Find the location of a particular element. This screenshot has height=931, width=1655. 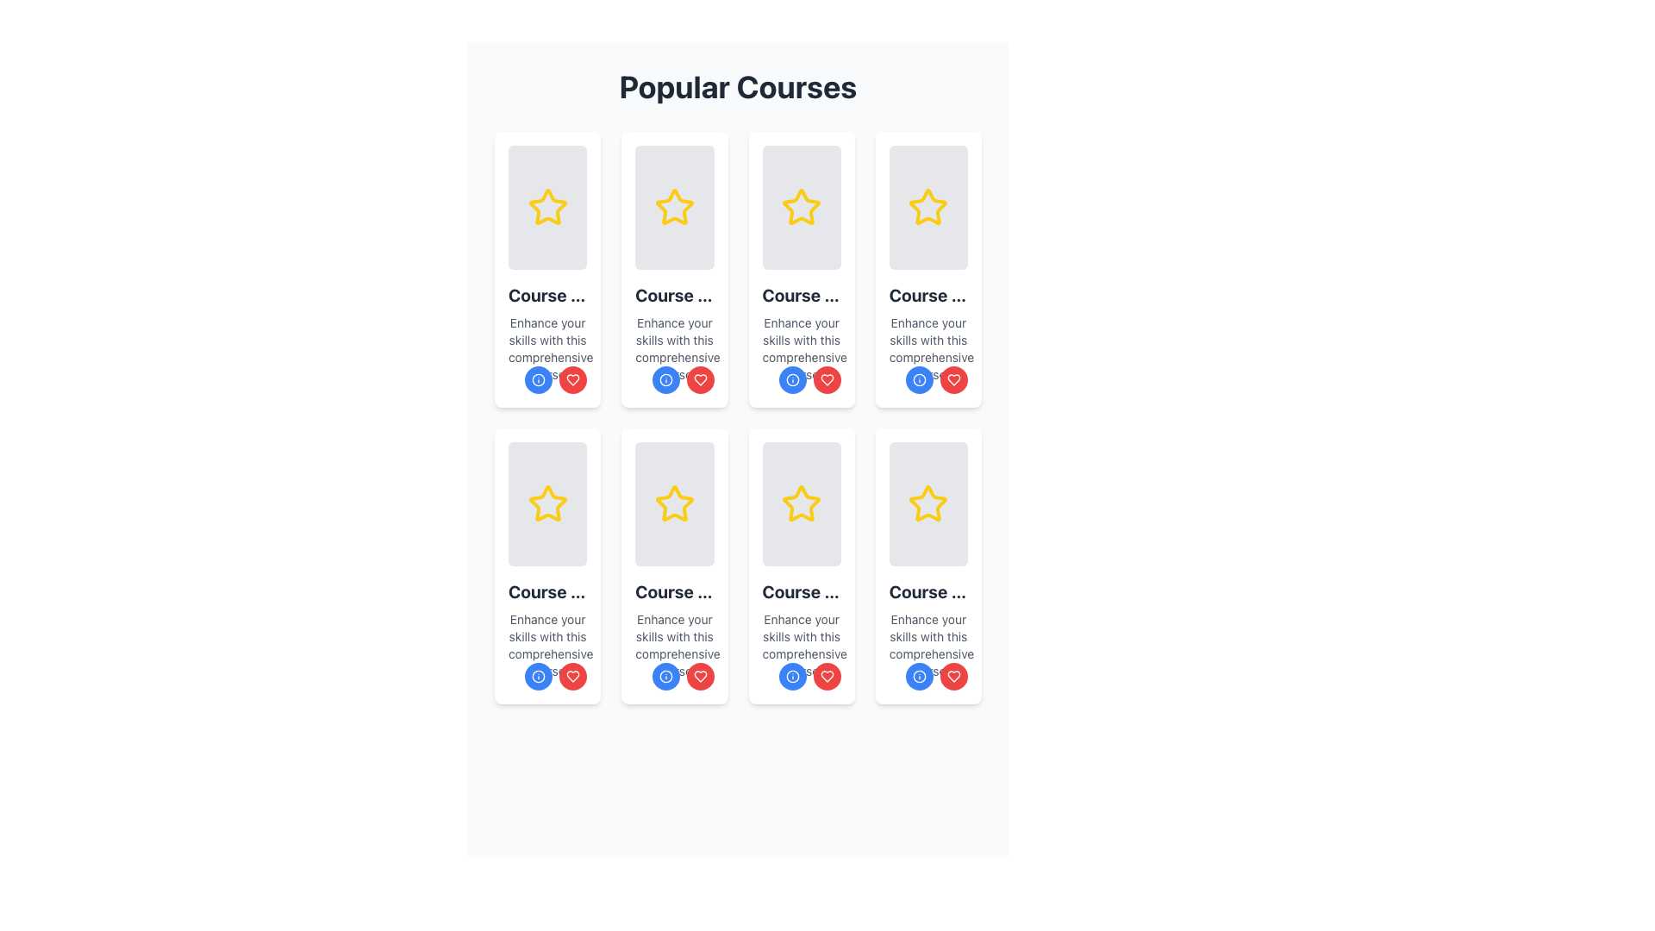

text label displaying 'Course Title 1' which is centrally aligned in a white rounded rectangular card under the 'Popular Courses' heading is located at coordinates (546, 295).